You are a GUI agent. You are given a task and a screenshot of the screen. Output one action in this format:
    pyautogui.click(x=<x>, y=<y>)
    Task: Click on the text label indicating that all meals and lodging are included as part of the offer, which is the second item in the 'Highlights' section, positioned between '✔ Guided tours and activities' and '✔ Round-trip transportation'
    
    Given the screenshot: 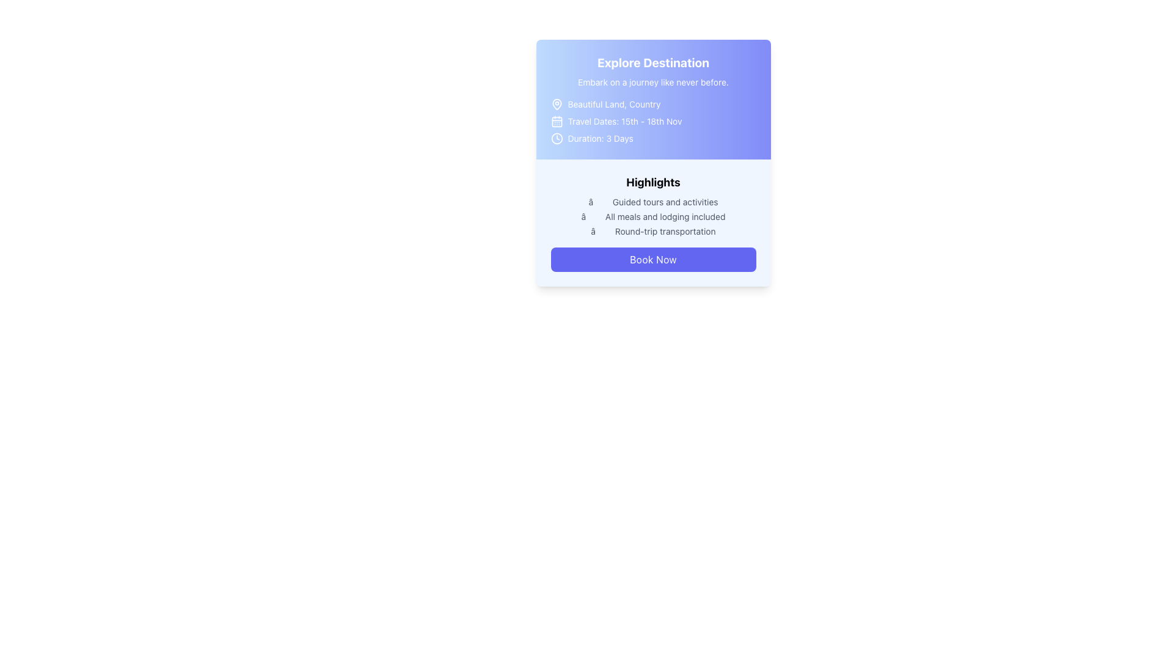 What is the action you would take?
    pyautogui.click(x=652, y=216)
    